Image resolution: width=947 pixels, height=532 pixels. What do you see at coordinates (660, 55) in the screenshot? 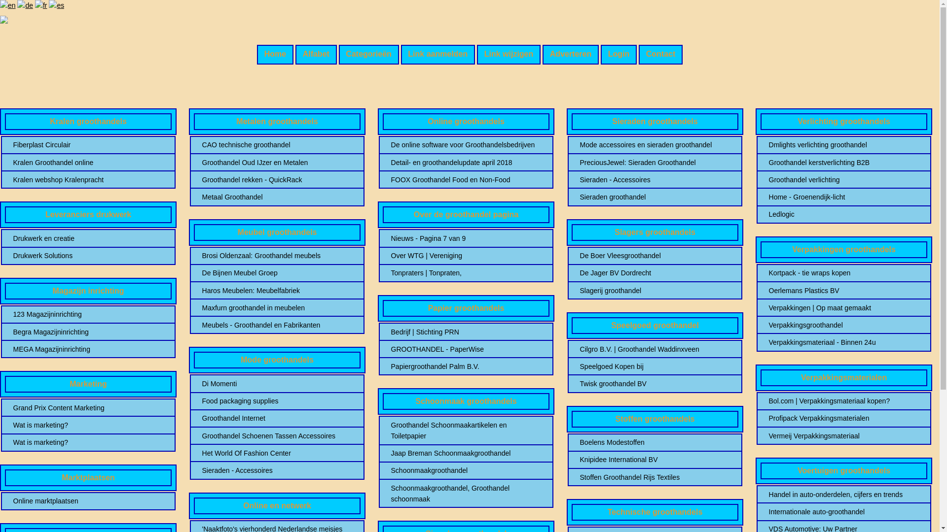
I see `'Contact'` at bounding box center [660, 55].